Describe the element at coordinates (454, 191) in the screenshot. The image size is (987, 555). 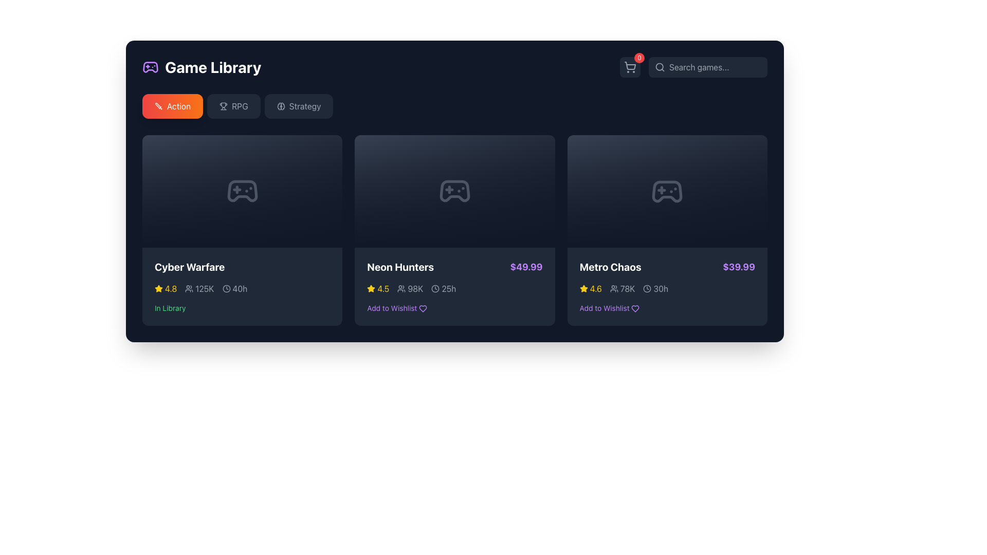
I see `the game controller icon, which is part of the second game card titled 'Neon Hunters' priced at $49.99, located between 'Cyber Warfare' and 'Metro Chaos'` at that location.